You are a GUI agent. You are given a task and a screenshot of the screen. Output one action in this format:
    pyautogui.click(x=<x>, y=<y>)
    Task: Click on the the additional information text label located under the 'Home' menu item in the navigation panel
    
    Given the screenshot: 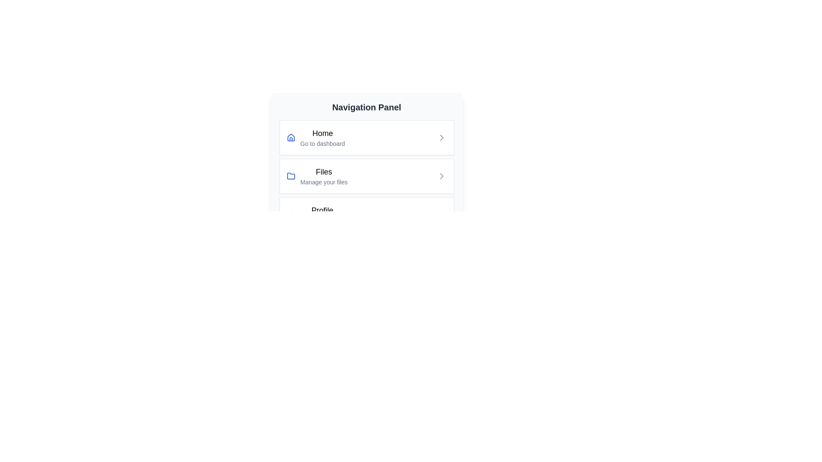 What is the action you would take?
    pyautogui.click(x=322, y=143)
    